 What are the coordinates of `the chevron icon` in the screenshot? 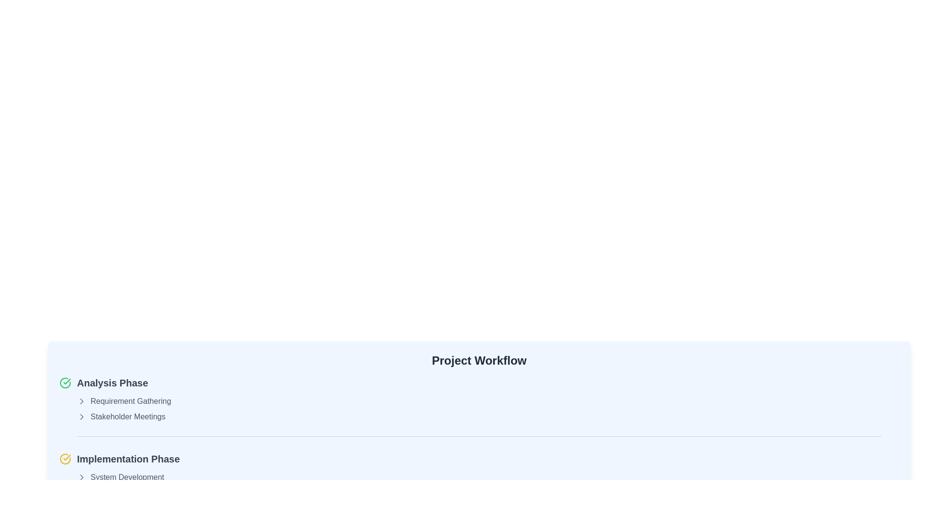 It's located at (81, 477).